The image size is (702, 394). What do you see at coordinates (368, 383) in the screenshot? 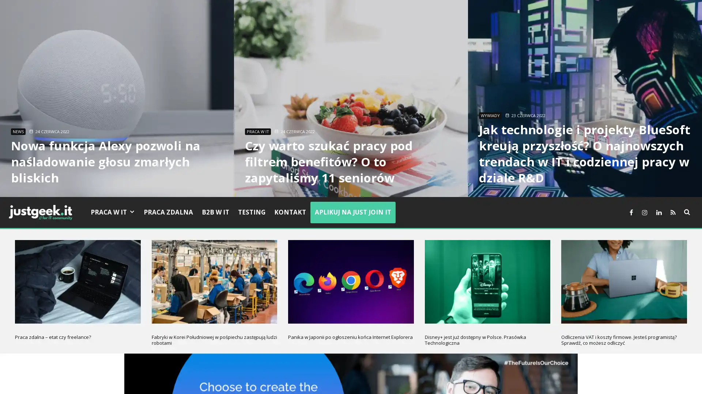
I see `Nie akceptuje` at bounding box center [368, 383].